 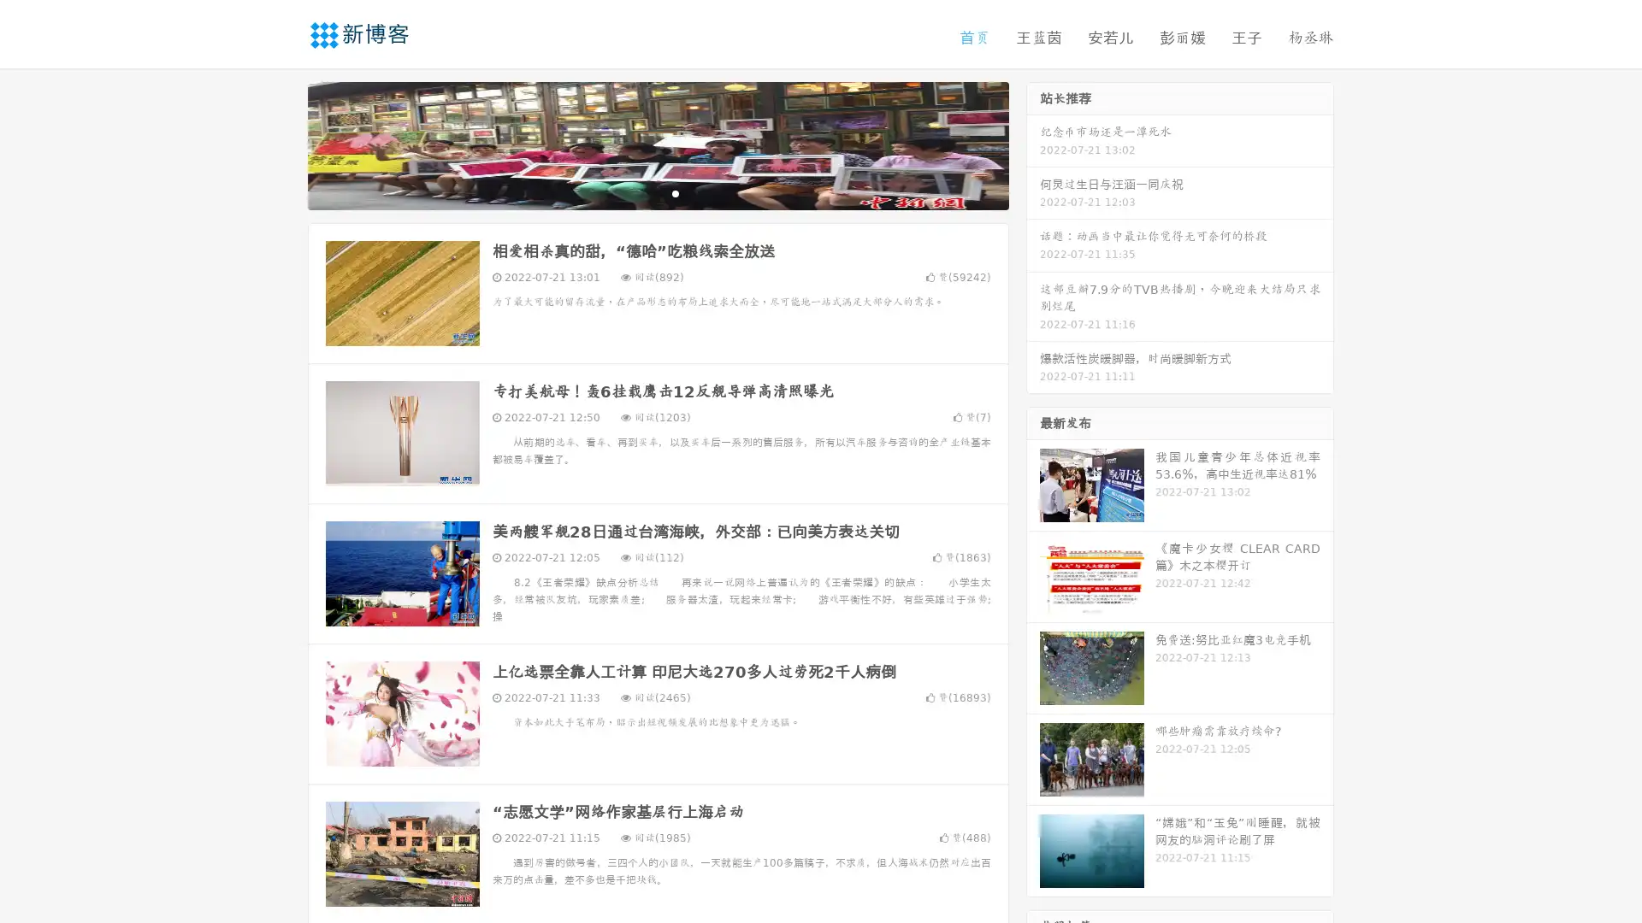 I want to click on Previous slide, so click(x=282, y=144).